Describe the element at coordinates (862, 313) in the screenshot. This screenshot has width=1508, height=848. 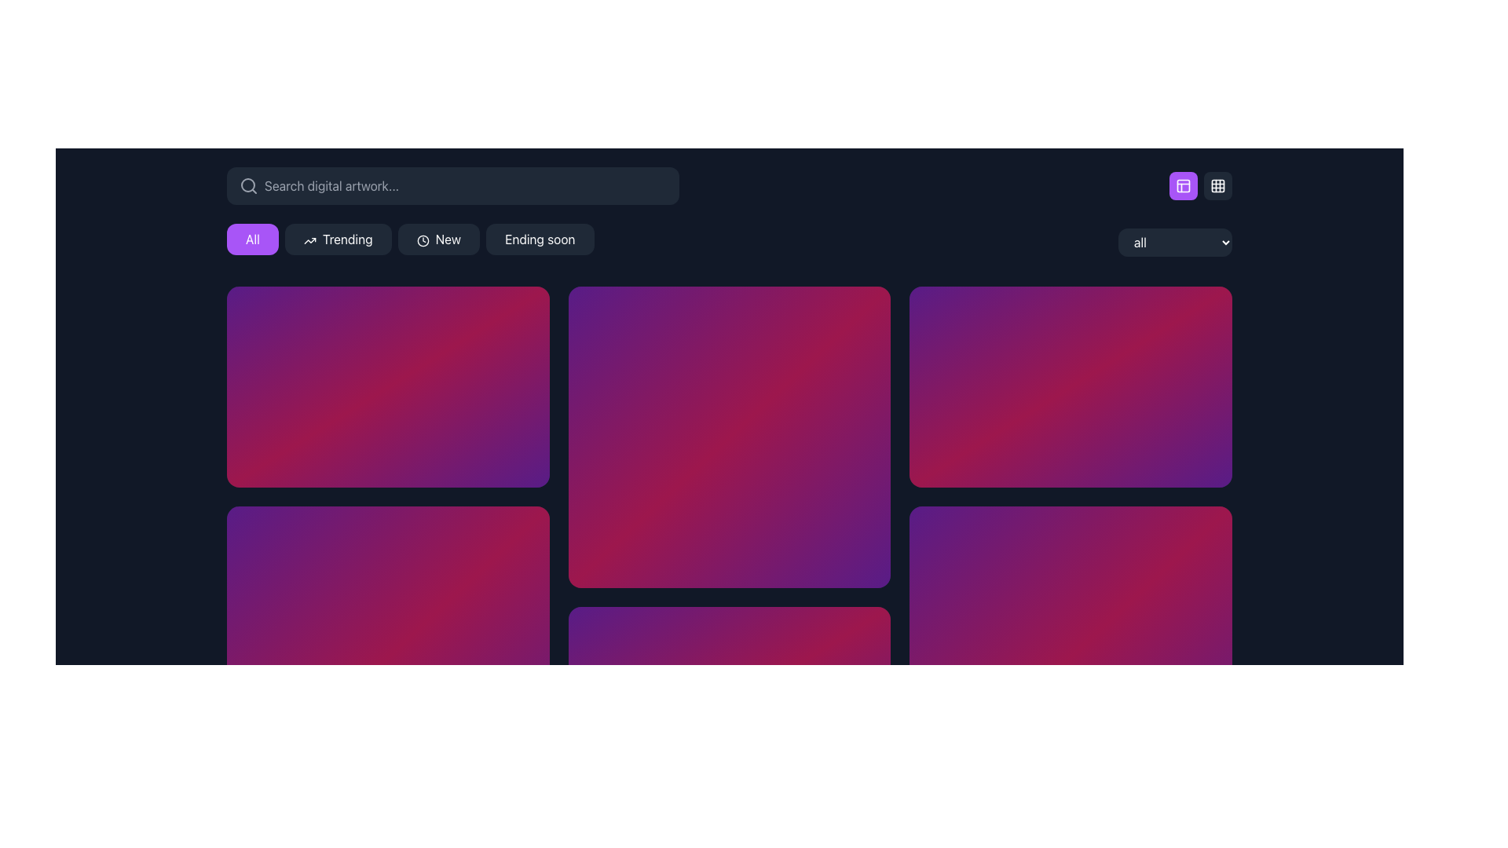
I see `the Circle element located at the center of the SVG component in the top-right region of the application interface` at that location.